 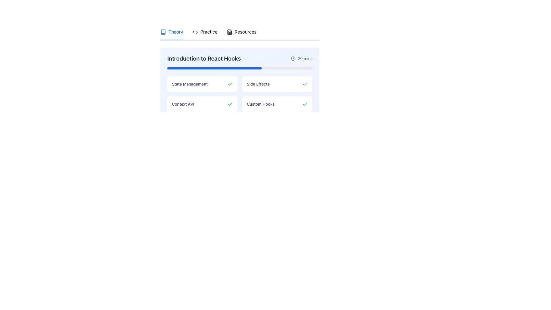 What do you see at coordinates (240, 71) in the screenshot?
I see `the tabbed interface with grid cards to switch between tabs` at bounding box center [240, 71].